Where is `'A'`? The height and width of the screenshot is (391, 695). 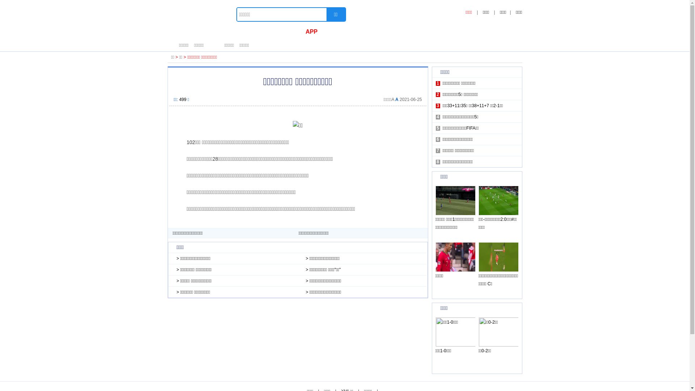
'A' is located at coordinates (392, 99).